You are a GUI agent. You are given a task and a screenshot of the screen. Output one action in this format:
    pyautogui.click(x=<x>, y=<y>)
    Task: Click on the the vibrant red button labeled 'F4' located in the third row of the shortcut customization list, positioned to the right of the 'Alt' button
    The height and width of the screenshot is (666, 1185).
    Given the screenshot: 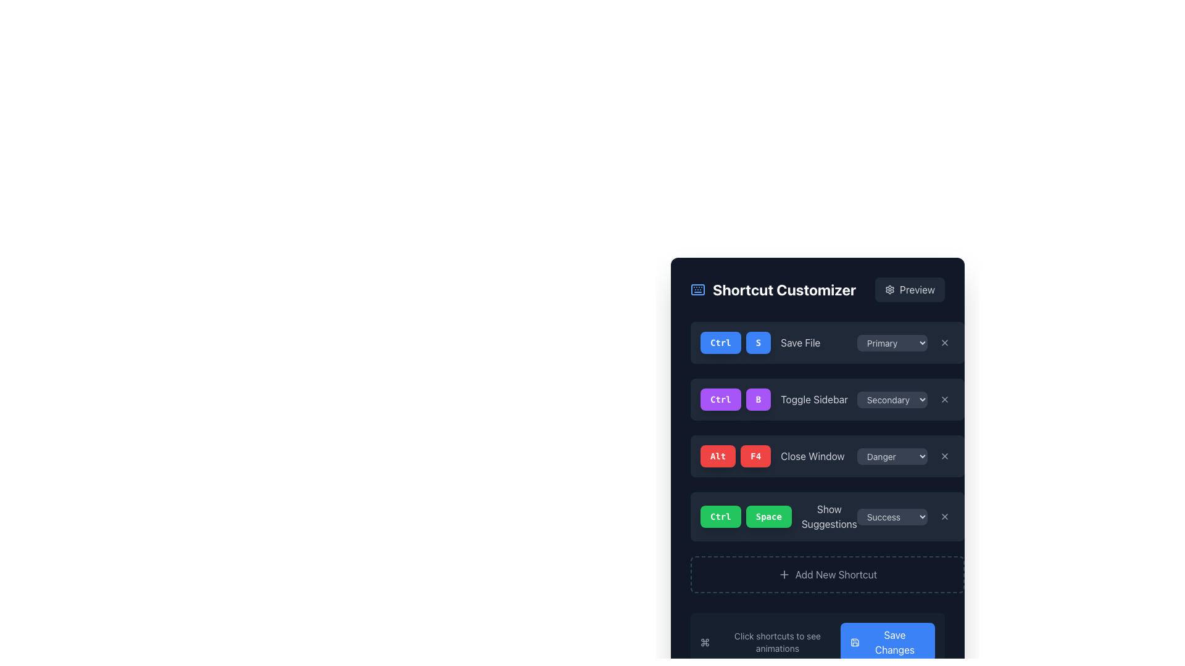 What is the action you would take?
    pyautogui.click(x=755, y=456)
    